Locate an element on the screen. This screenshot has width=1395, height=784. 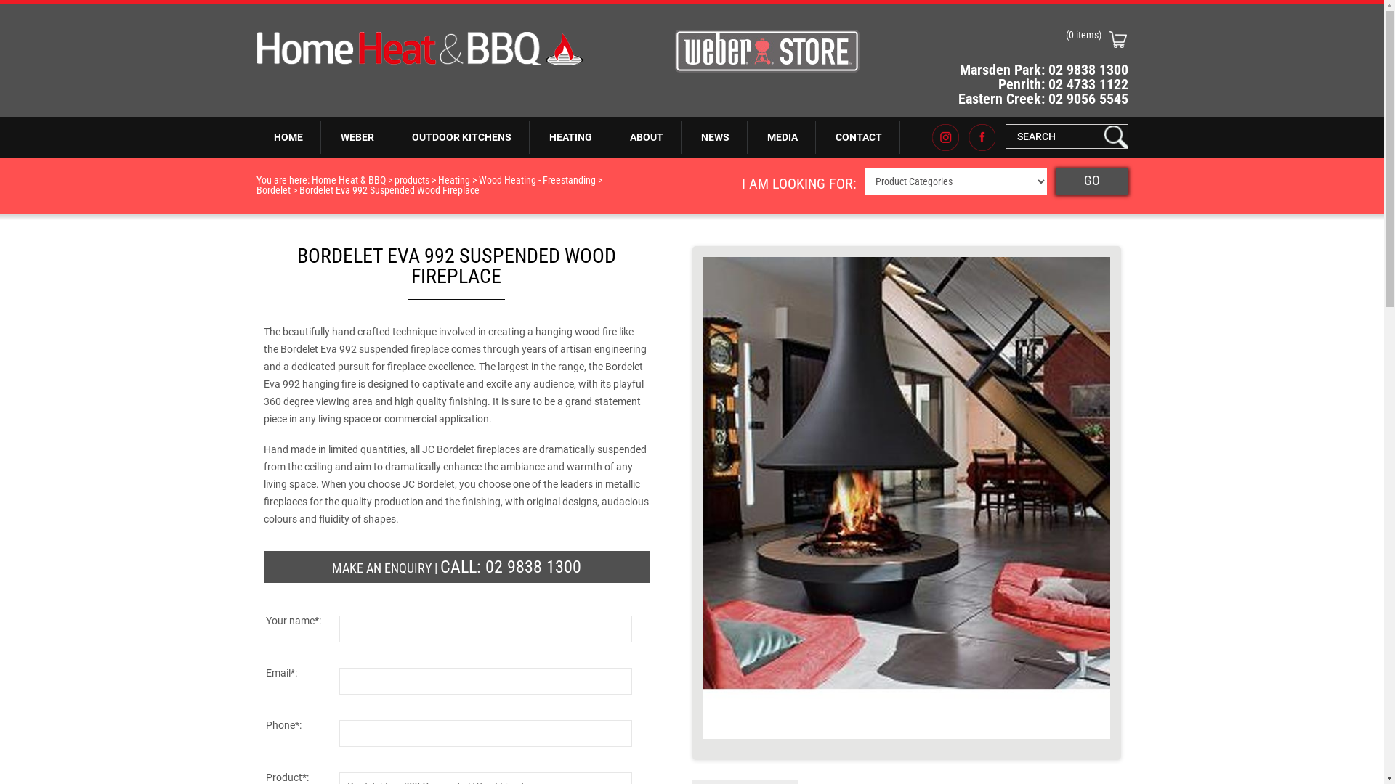
'Bordelet' is located at coordinates (272, 189).